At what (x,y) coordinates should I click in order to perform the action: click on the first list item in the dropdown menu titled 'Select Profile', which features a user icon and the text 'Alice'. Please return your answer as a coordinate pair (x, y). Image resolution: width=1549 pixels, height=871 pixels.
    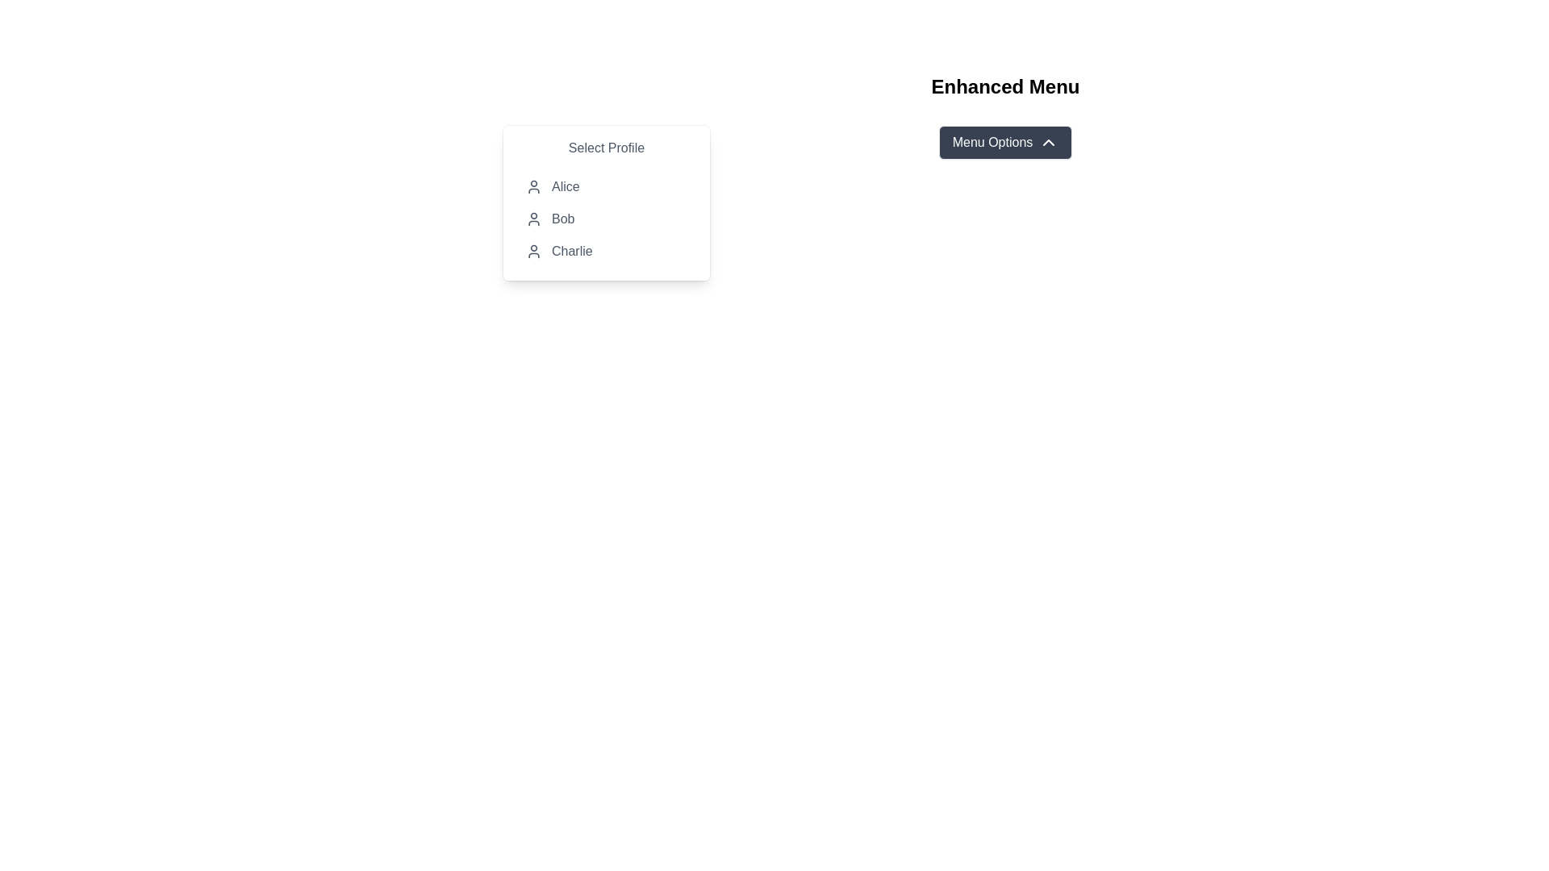
    Looking at the image, I should click on (551, 185).